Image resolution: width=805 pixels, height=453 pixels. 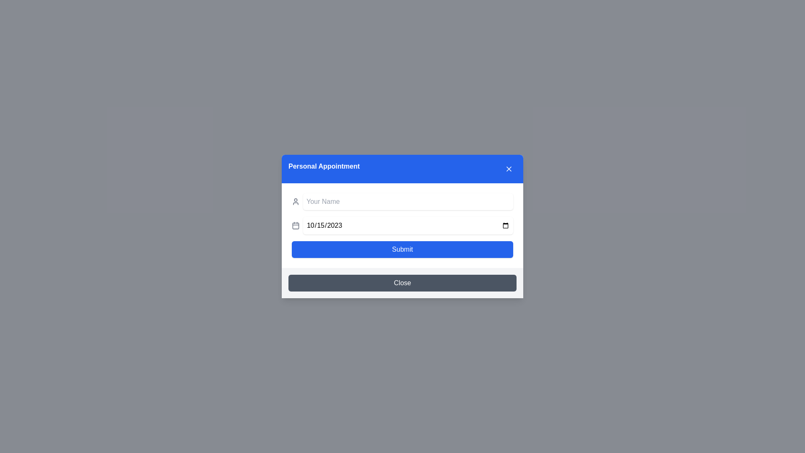 What do you see at coordinates (408, 225) in the screenshot?
I see `the Date input field located in the middle section of the modal window` at bounding box center [408, 225].